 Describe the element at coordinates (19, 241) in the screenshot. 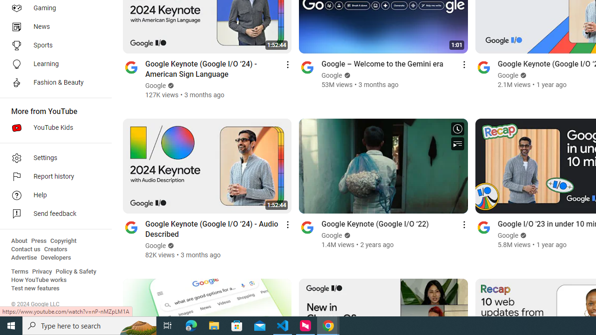

I see `'About'` at that location.